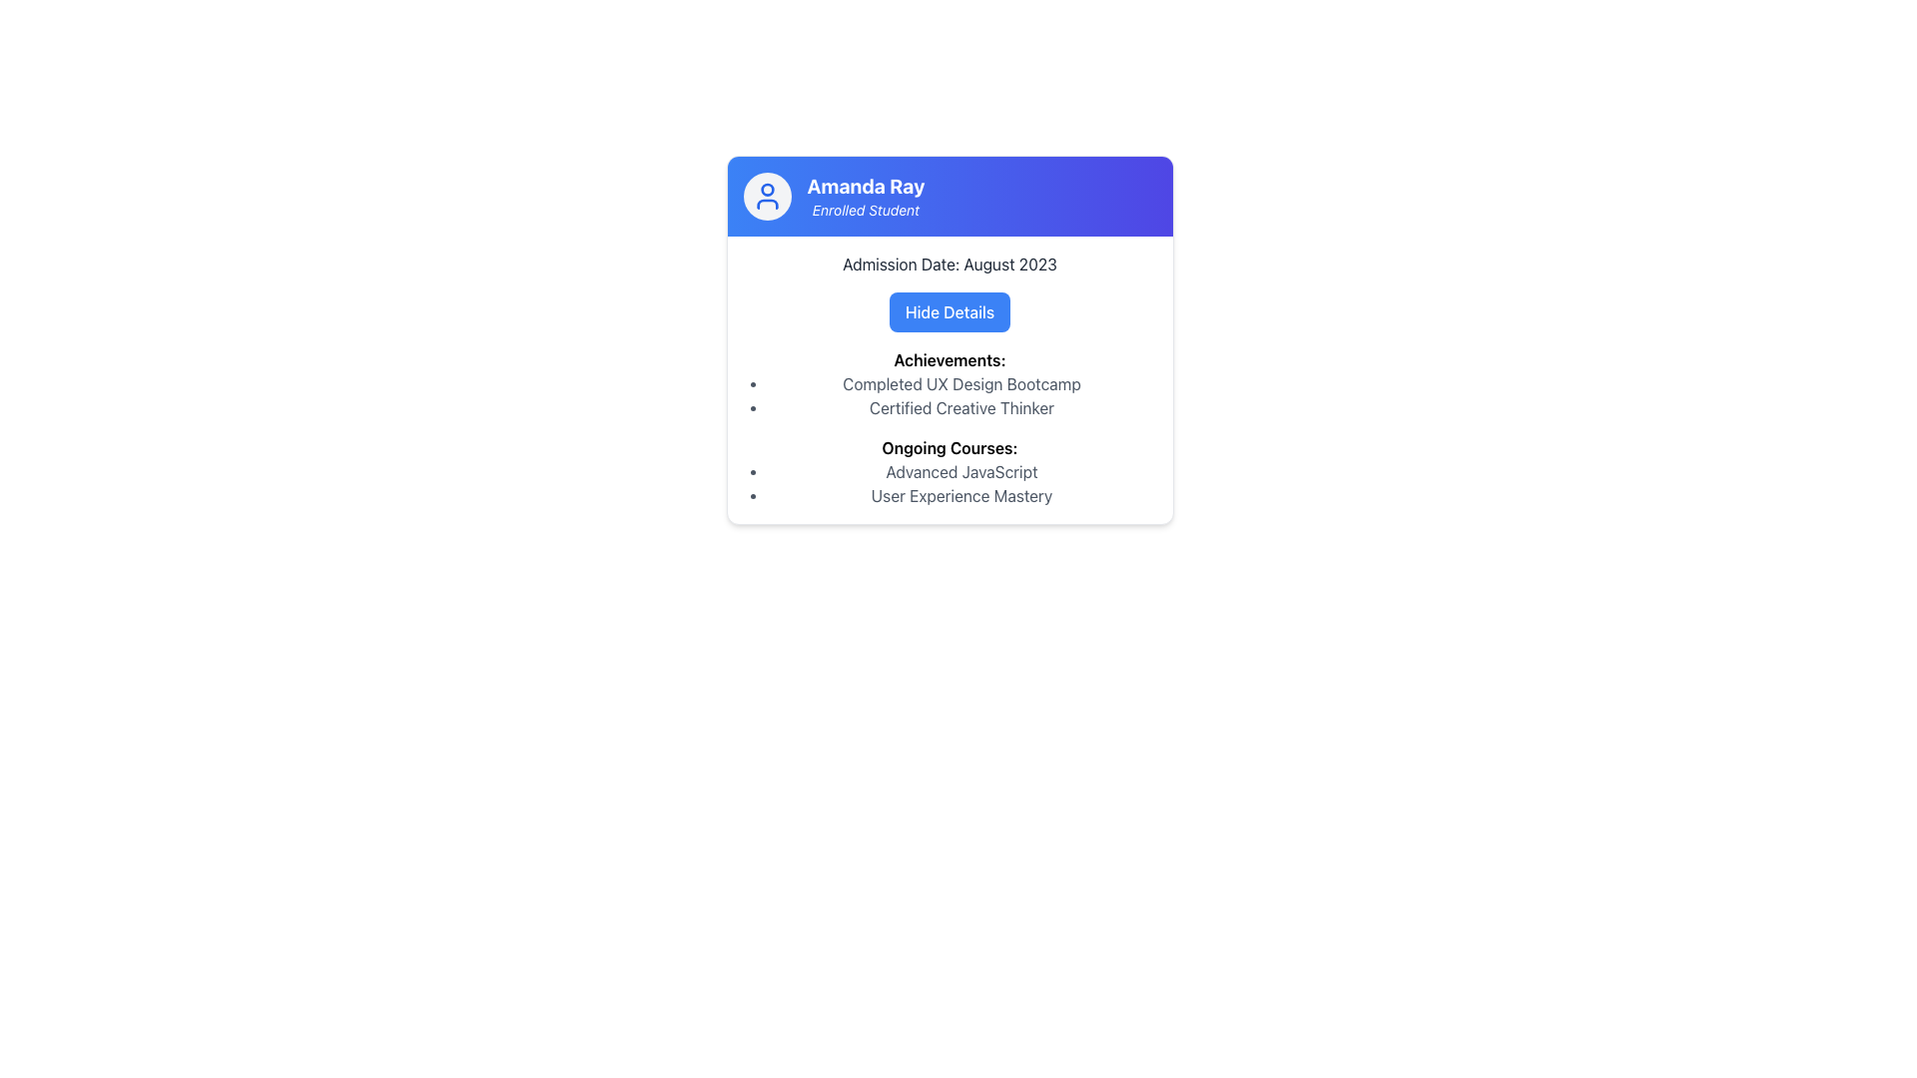 This screenshot has width=1917, height=1078. I want to click on the 'Achievements:' text label which serves as a section header introducing the list of achievements below it, so click(949, 360).